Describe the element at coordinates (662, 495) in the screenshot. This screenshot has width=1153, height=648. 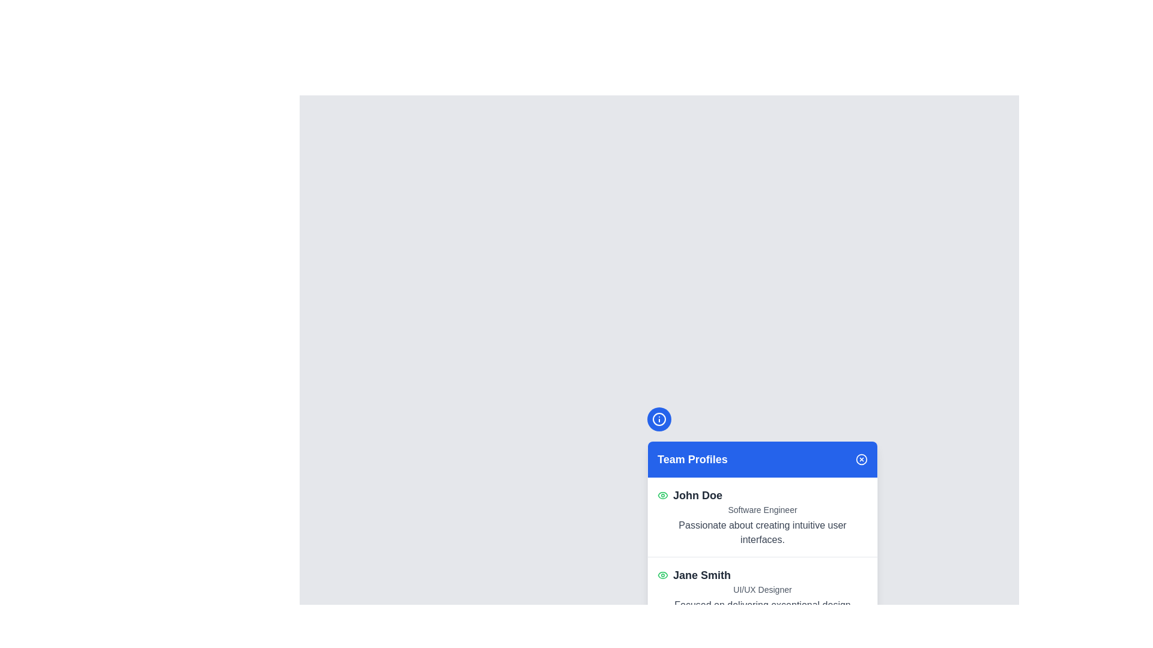
I see `the vector graphic component of the eye icon next to the user profile entry named 'Jane Smith' in the 'Team Profiles' section` at that location.